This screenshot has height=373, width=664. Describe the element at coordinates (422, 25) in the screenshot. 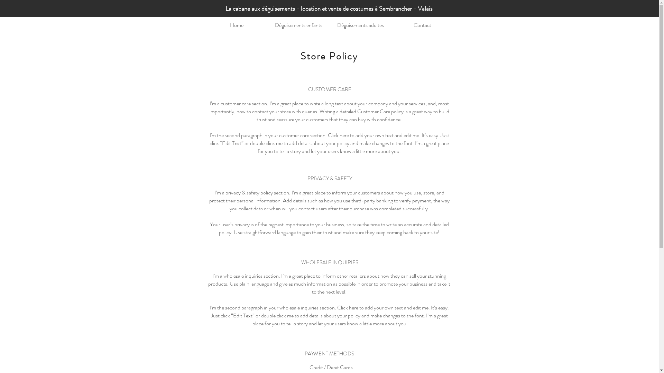

I see `'Contact'` at that location.